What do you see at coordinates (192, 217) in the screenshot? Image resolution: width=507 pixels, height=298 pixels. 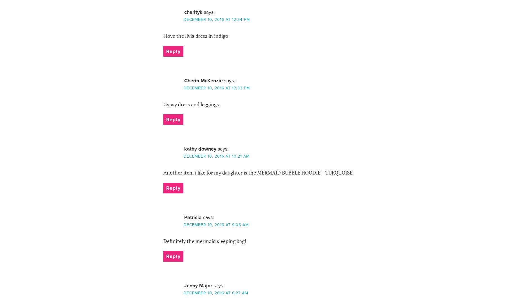 I see `'Patricia'` at bounding box center [192, 217].